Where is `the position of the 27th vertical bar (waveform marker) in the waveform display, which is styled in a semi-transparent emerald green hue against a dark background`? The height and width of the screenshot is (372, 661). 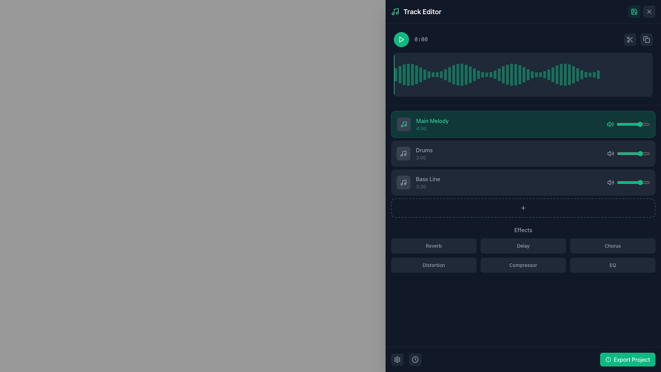 the position of the 27th vertical bar (waveform marker) in the waveform display, which is styled in a semi-transparent emerald green hue against a dark background is located at coordinates (503, 74).